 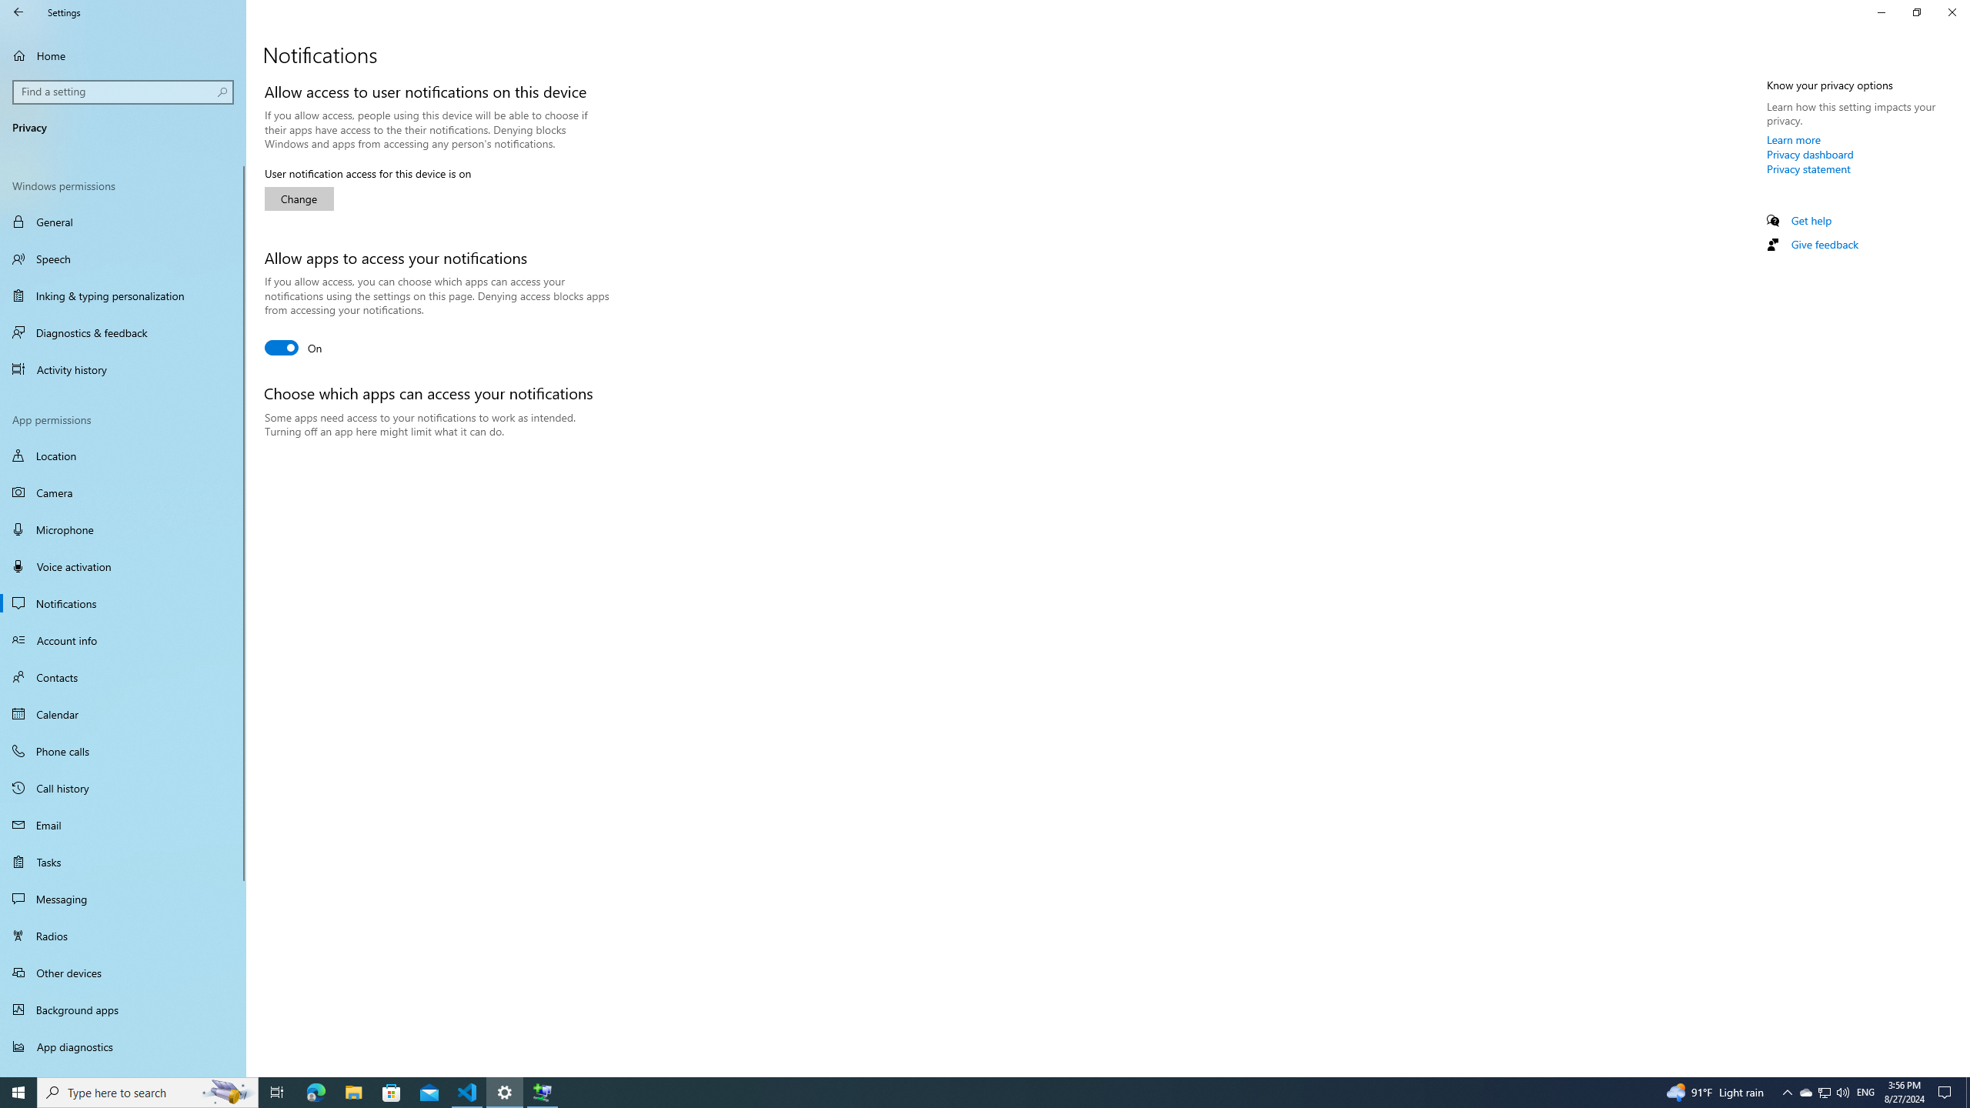 I want to click on 'Microphone', so click(x=122, y=528).